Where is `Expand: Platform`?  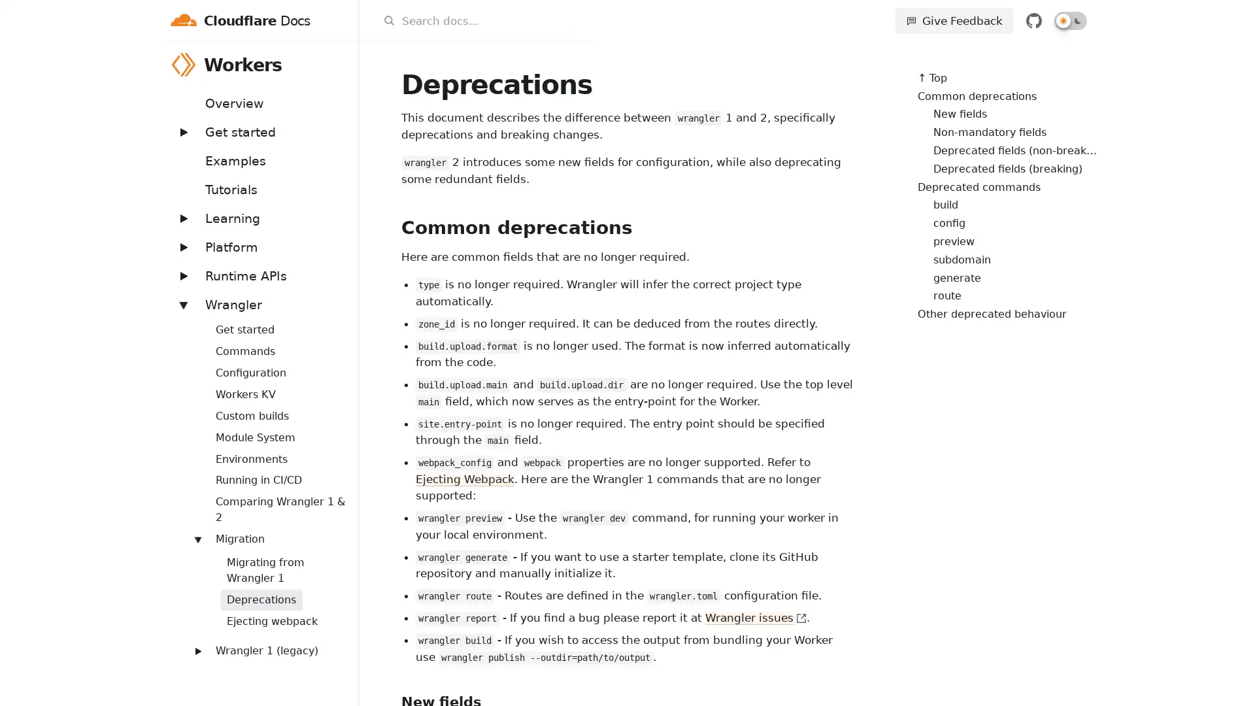 Expand: Platform is located at coordinates (182, 246).